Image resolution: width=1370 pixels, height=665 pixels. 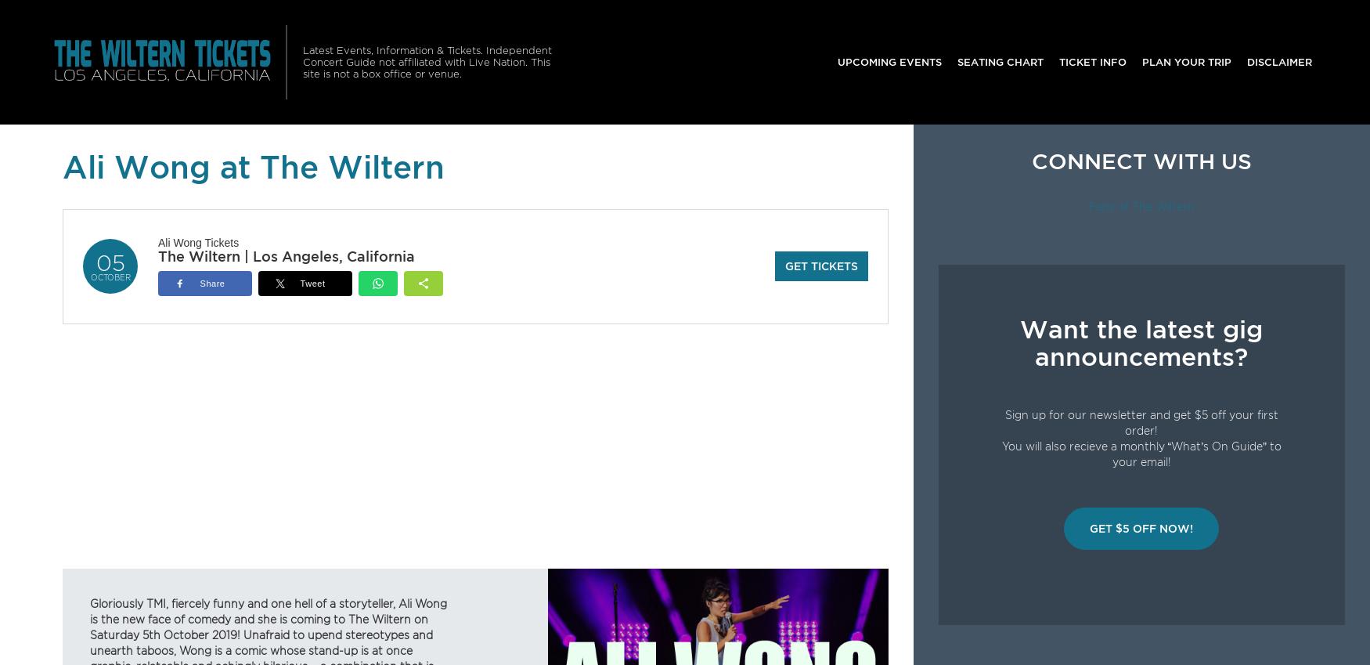 I want to click on 'Fans of The Wiltern', so click(x=1087, y=206).